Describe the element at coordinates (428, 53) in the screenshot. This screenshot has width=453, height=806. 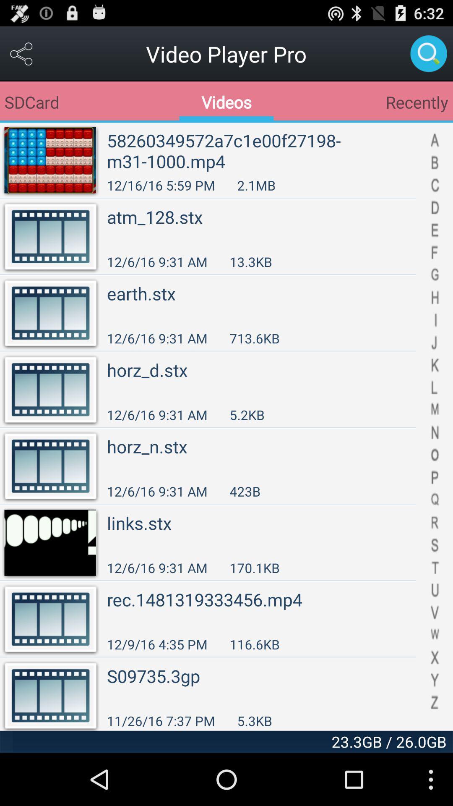
I see `open search` at that location.